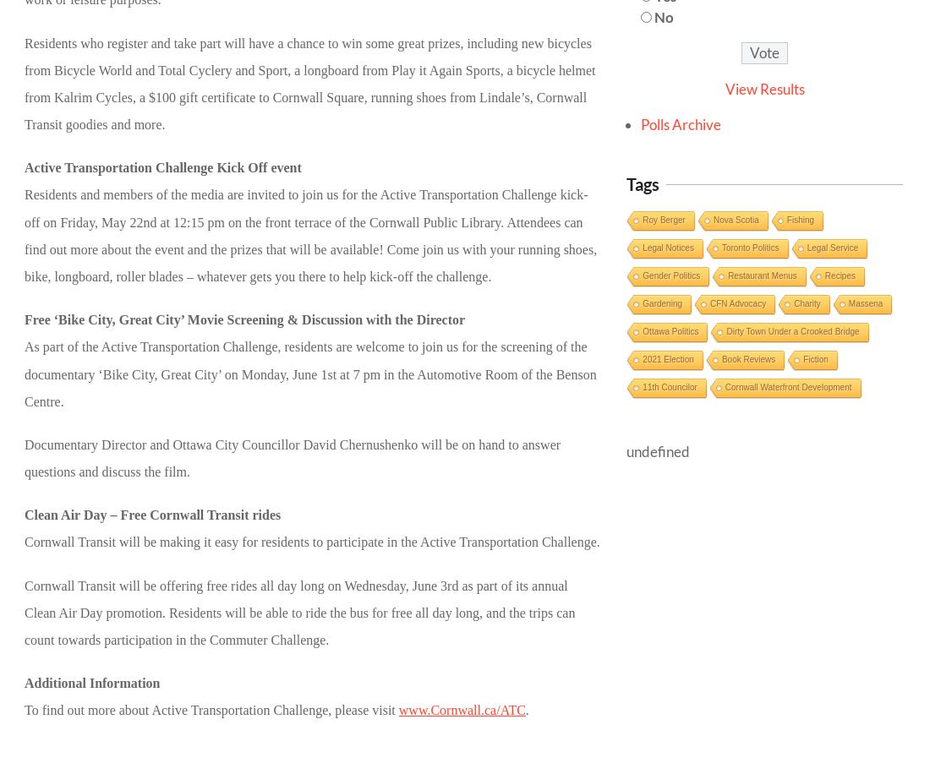  Describe the element at coordinates (400, 584) in the screenshot. I see `'Wednesday, June 3rd'` at that location.